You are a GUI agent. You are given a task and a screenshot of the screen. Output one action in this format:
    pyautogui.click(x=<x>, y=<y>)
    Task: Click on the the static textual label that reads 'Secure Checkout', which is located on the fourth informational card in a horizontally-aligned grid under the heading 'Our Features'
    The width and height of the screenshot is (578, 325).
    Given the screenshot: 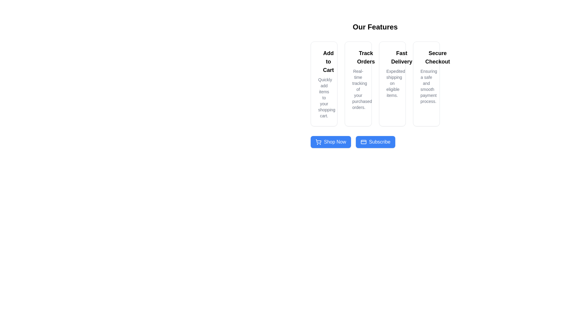 What is the action you would take?
    pyautogui.click(x=437, y=57)
    